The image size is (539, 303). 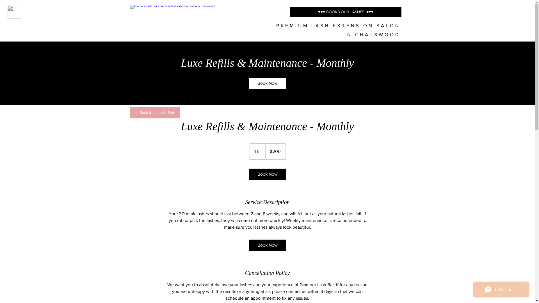 I want to click on '<< Back to all Lash Sets', so click(x=155, y=113).